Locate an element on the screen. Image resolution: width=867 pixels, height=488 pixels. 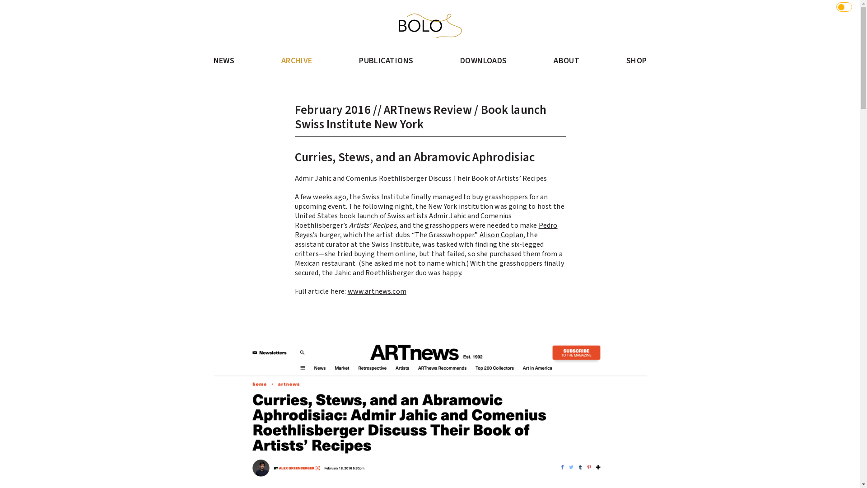
'ARCHIVE' is located at coordinates (297, 61).